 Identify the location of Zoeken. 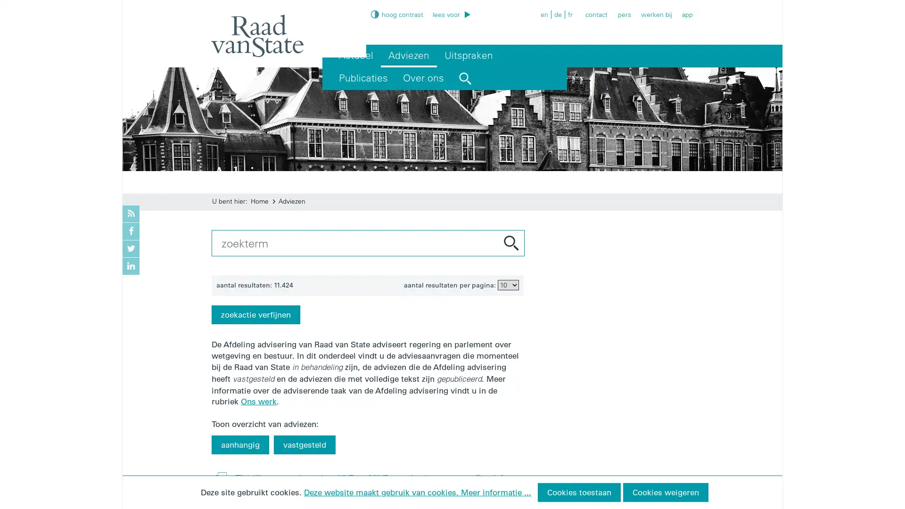
(510, 242).